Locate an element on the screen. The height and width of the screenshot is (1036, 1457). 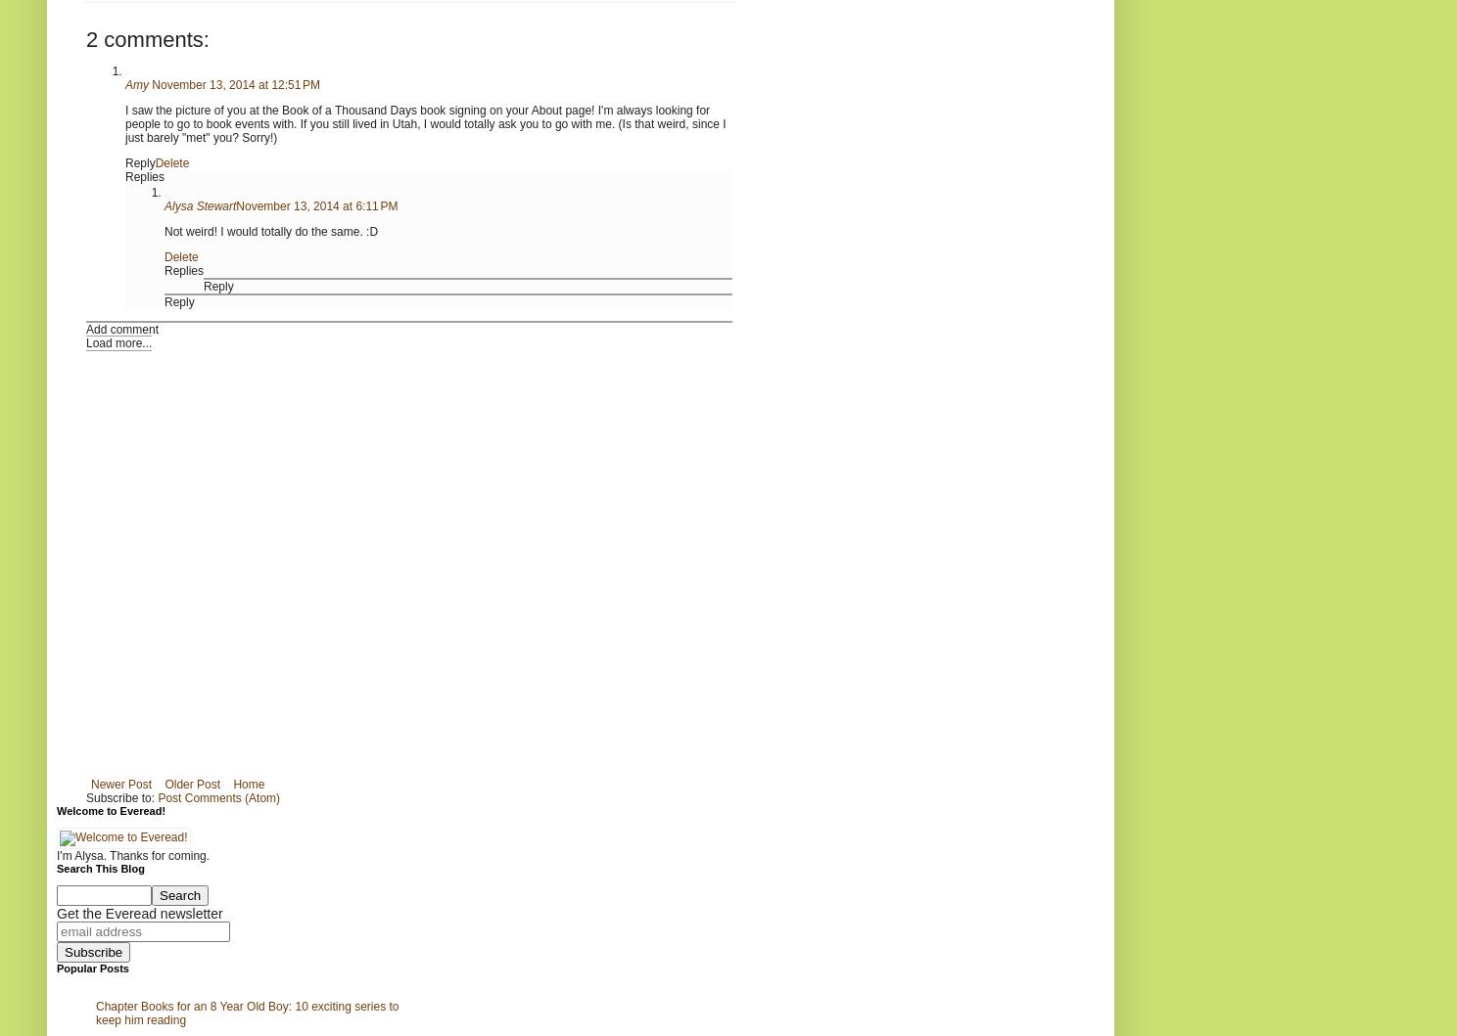
'I'm Alysa. Thanks for coming.' is located at coordinates (132, 854).